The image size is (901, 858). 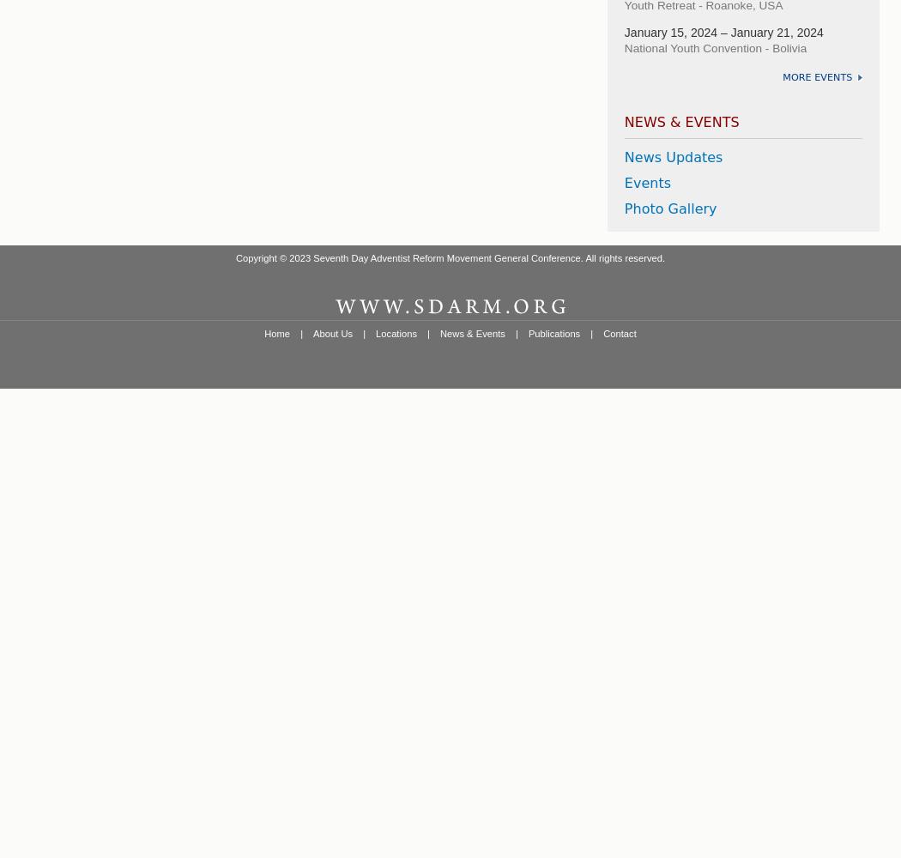 I want to click on 'MORE EVENTS', so click(x=816, y=76).